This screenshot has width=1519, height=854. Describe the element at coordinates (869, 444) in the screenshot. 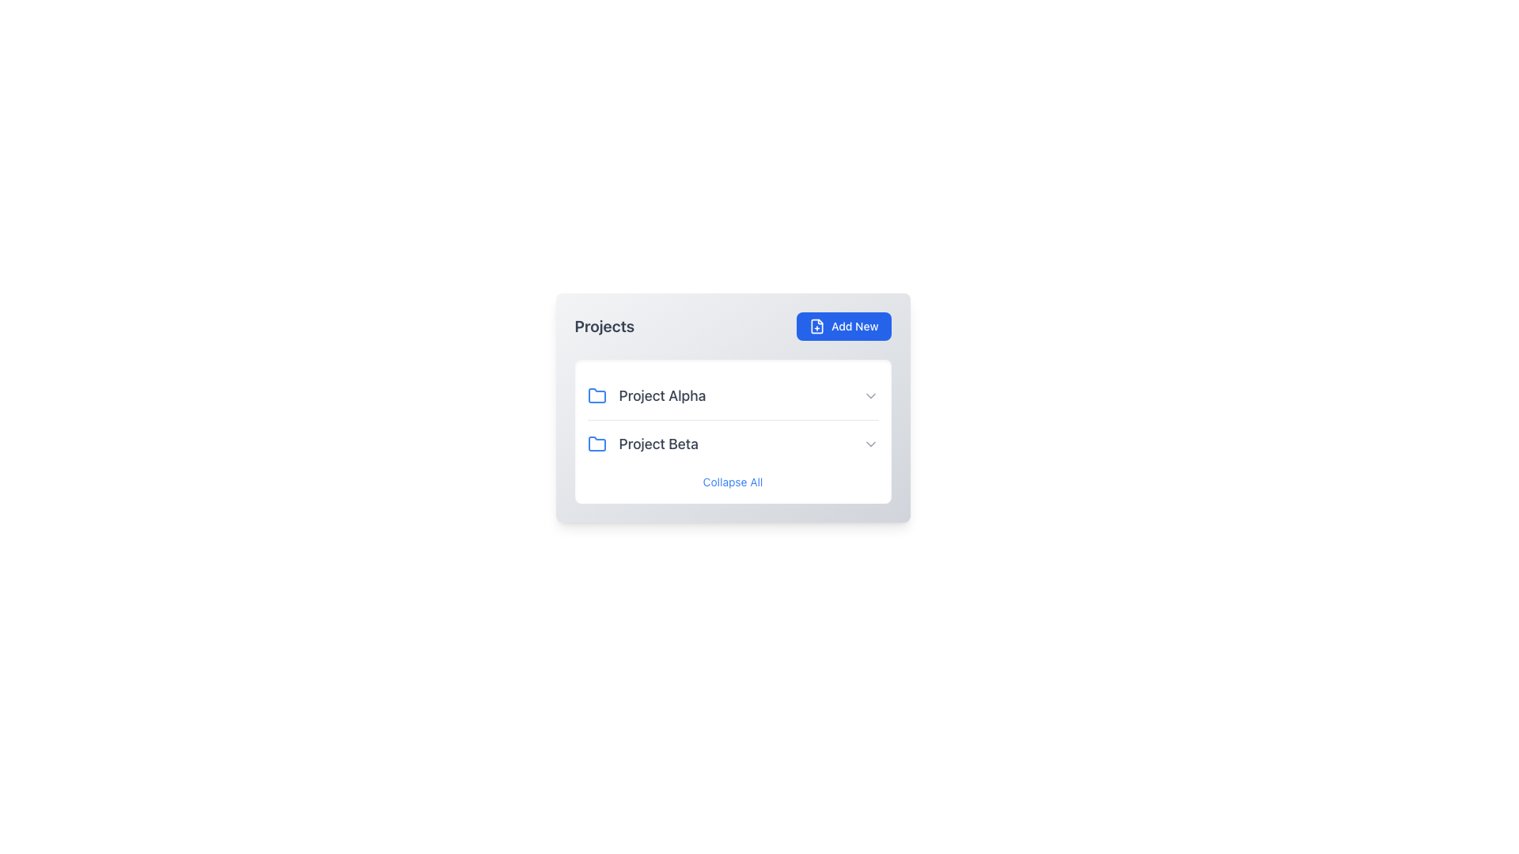

I see `the chevron toggle button located to the right of the 'Project Beta' label` at that location.